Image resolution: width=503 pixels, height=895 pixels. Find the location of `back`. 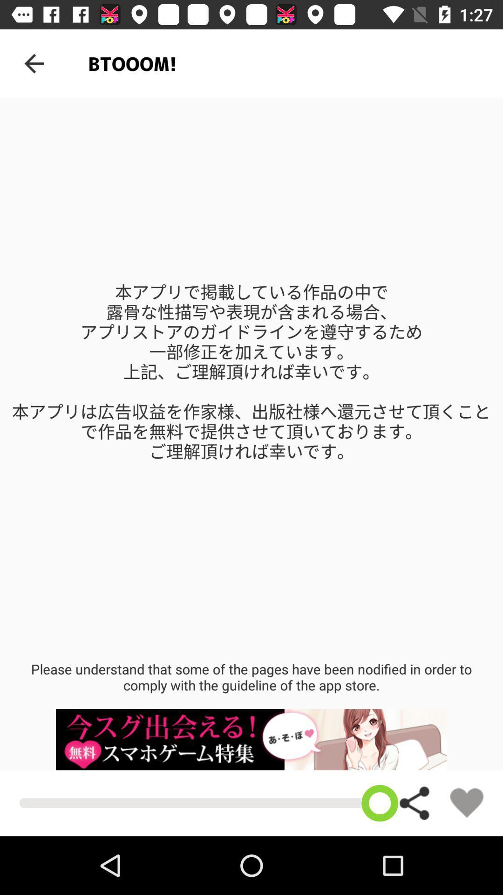

back is located at coordinates (34, 63).